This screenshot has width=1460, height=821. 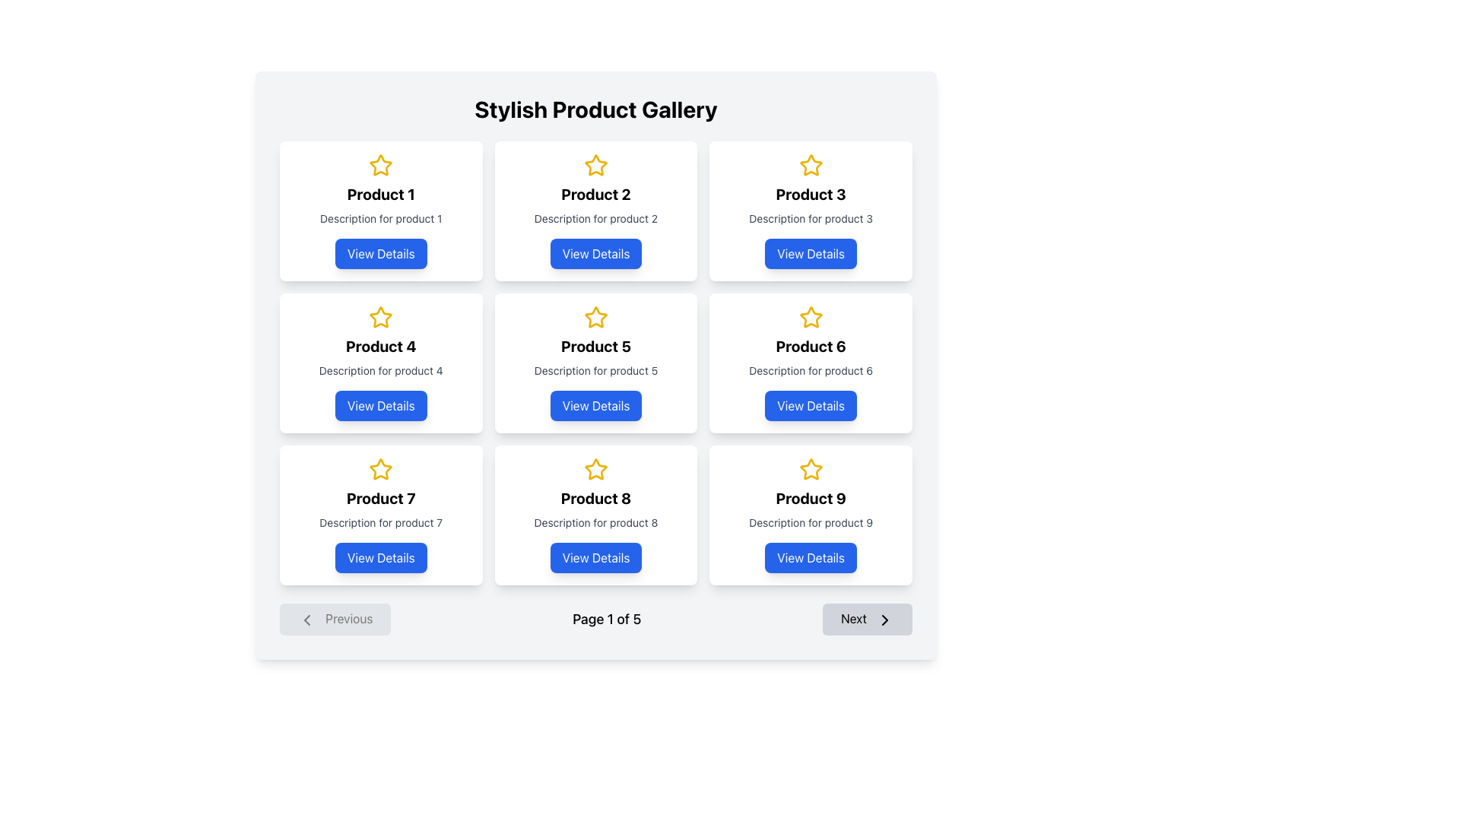 I want to click on the text label displaying 'Page 1 of 5', located at the bottom of the section containing the product list, bordered by 'Previous' and 'Next' buttons, so click(x=595, y=618).